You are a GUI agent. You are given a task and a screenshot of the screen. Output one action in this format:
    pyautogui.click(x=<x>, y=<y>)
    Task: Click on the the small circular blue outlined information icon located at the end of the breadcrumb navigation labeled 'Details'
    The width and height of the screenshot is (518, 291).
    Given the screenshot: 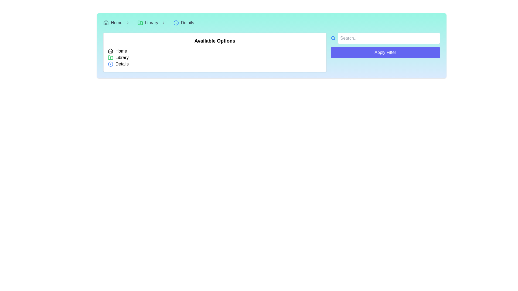 What is the action you would take?
    pyautogui.click(x=176, y=22)
    